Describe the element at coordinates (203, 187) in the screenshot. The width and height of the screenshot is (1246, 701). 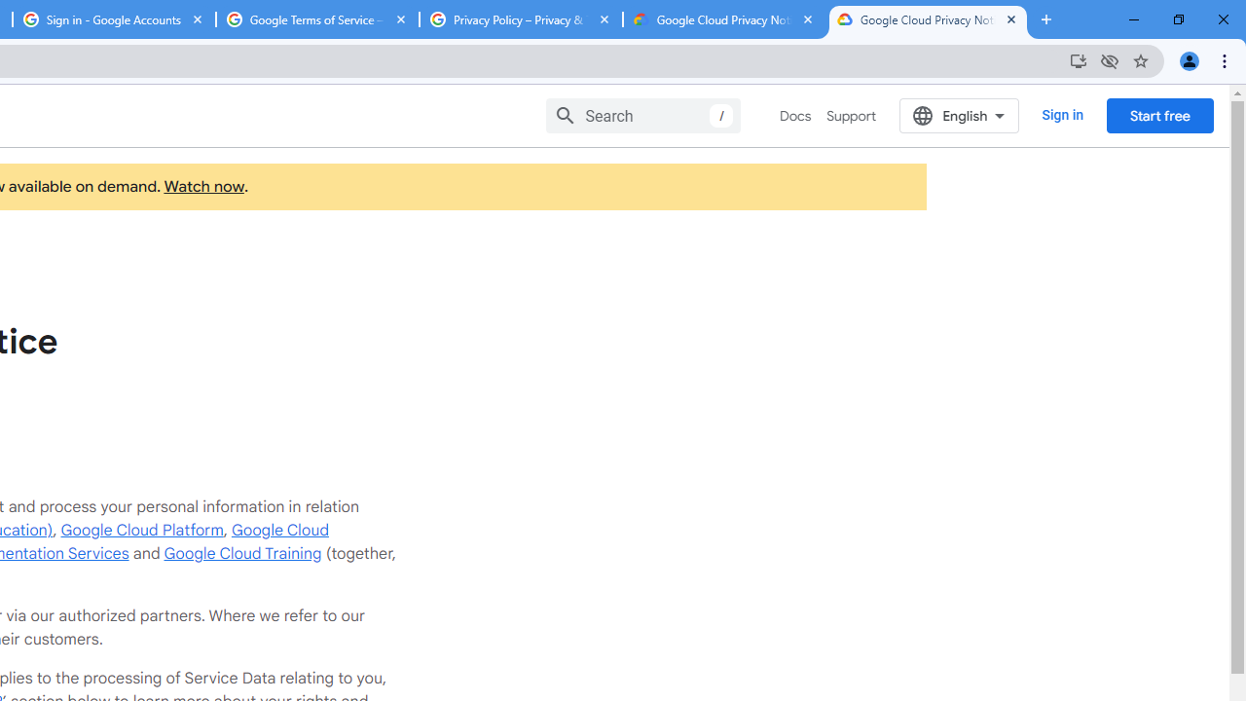
I see `'Watch now'` at that location.